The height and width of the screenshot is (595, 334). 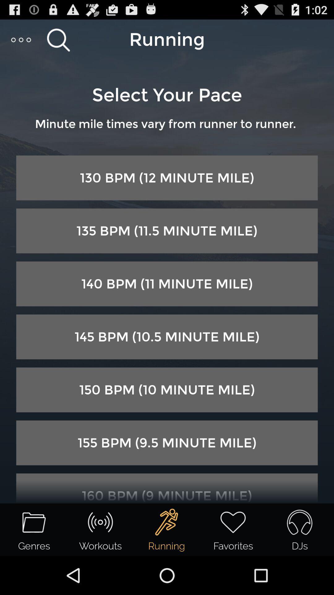 What do you see at coordinates (58, 39) in the screenshot?
I see `search` at bounding box center [58, 39].